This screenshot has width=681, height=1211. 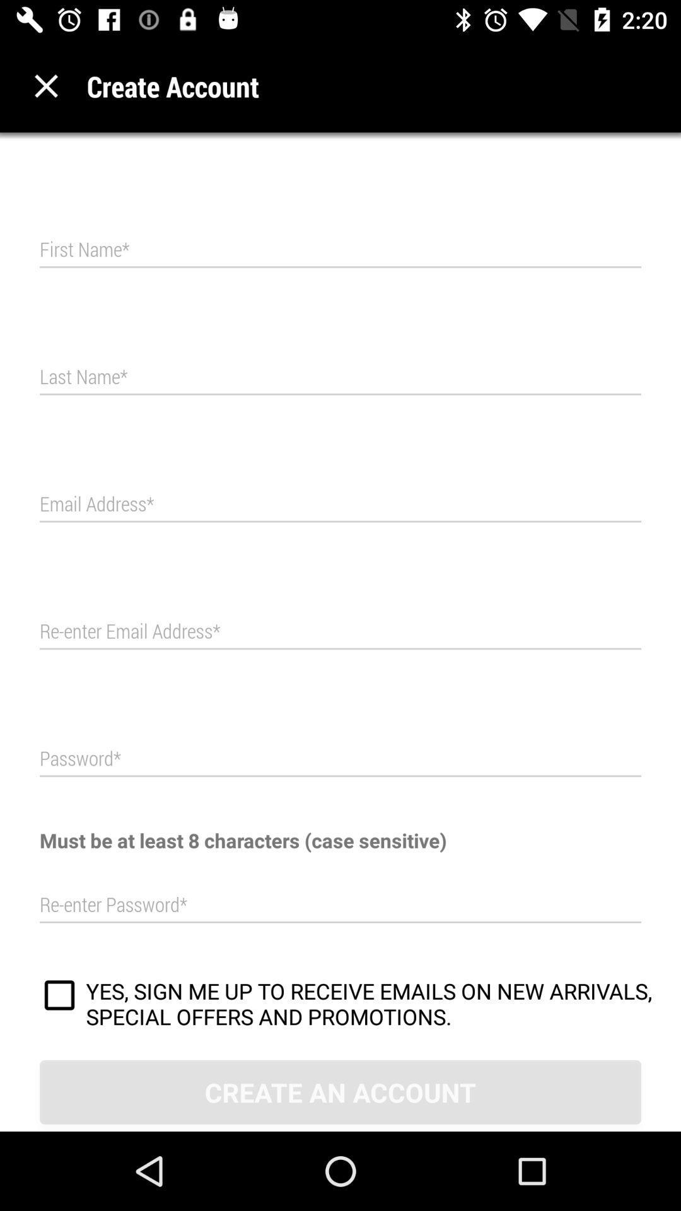 What do you see at coordinates (59, 997) in the screenshot?
I see `the icon at the bottom left corner` at bounding box center [59, 997].